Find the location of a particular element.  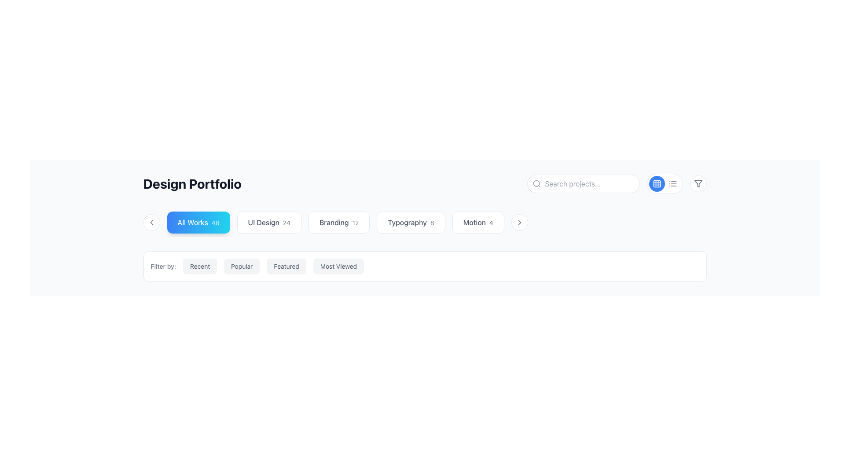

the search icon located within the search input field at the top right section of the interface, which enhances the user's understanding and accessibility of the input field is located at coordinates (536, 183).